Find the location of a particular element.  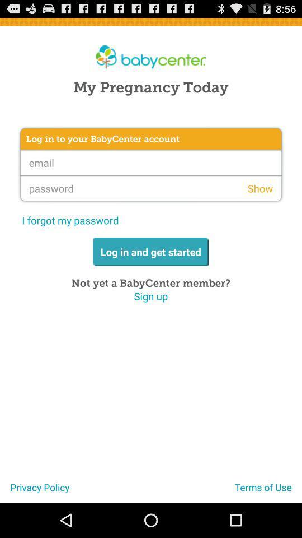

the item next to privacy policy app is located at coordinates (268, 491).